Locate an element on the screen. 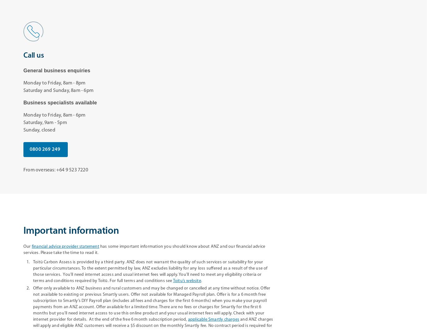 The width and height of the screenshot is (427, 330). 'Important information' is located at coordinates (71, 231).